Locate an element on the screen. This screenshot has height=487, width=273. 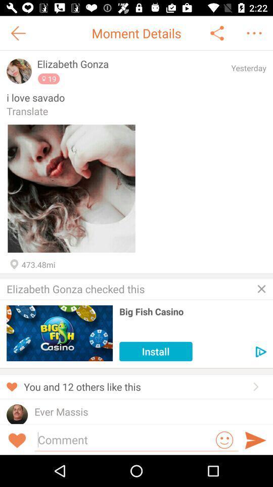
ever massis icon is located at coordinates (61, 411).